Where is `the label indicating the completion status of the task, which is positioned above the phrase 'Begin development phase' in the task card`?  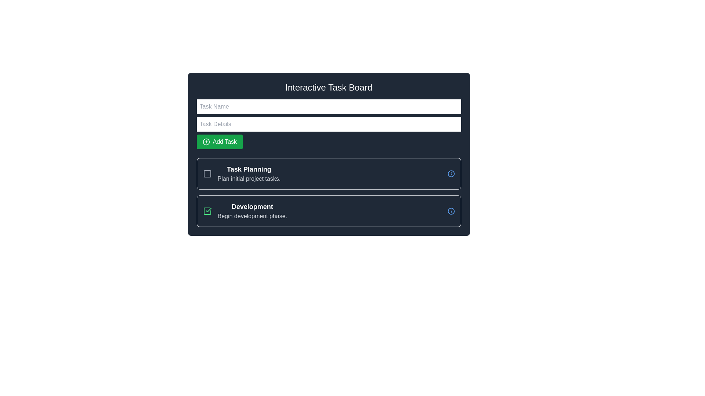 the label indicating the completion status of the task, which is positioned above the phrase 'Begin development phase' in the task card is located at coordinates (252, 206).